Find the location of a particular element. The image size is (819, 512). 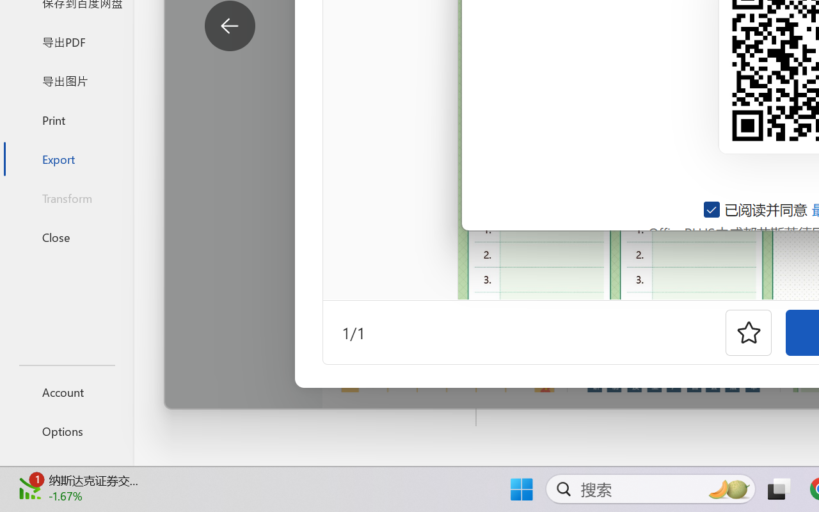

'Transform' is located at coordinates (66, 197).